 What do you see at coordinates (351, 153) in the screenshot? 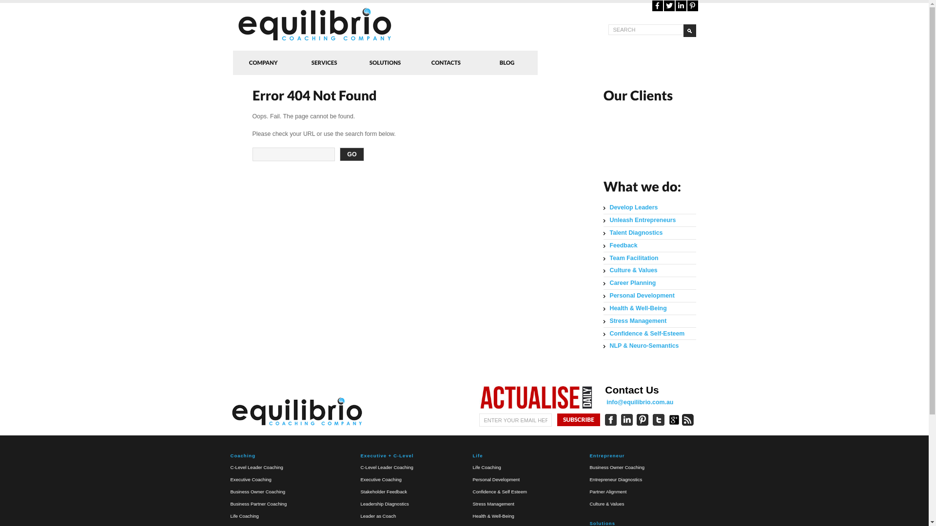
I see `'GO'` at bounding box center [351, 153].